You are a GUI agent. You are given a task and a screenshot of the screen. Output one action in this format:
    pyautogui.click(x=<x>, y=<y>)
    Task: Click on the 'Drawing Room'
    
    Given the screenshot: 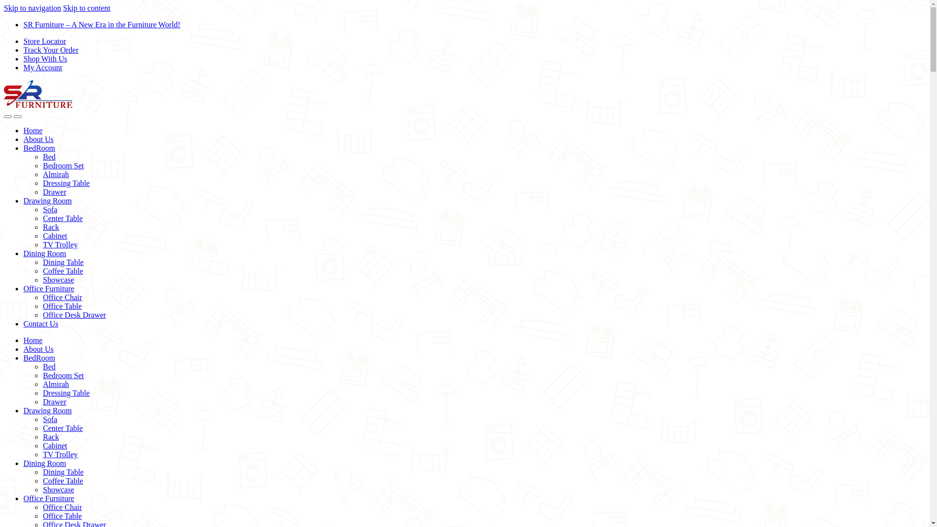 What is the action you would take?
    pyautogui.click(x=47, y=410)
    